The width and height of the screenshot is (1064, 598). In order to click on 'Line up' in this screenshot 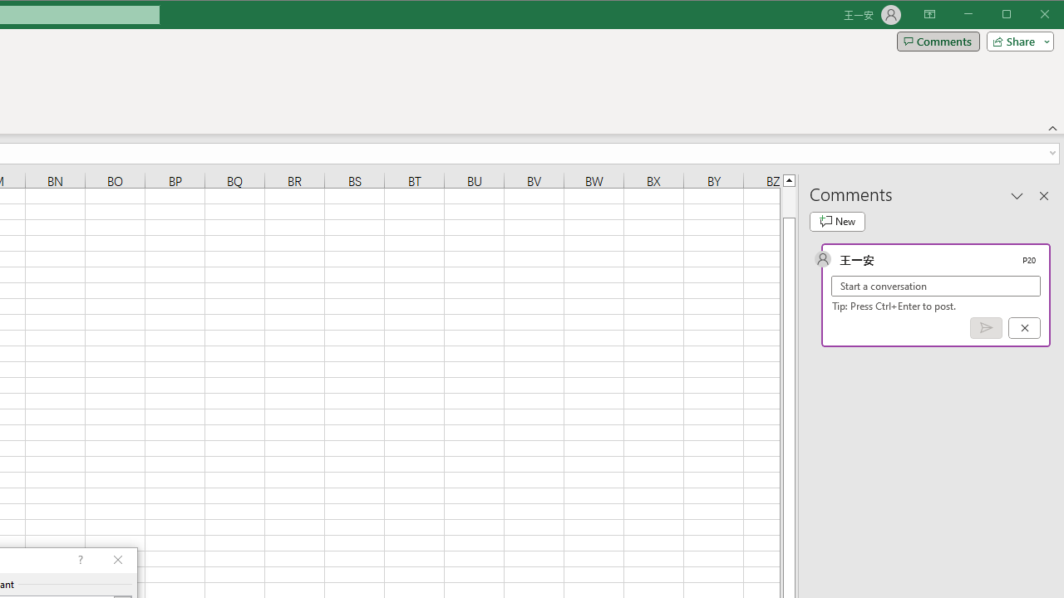, I will do `click(788, 179)`.